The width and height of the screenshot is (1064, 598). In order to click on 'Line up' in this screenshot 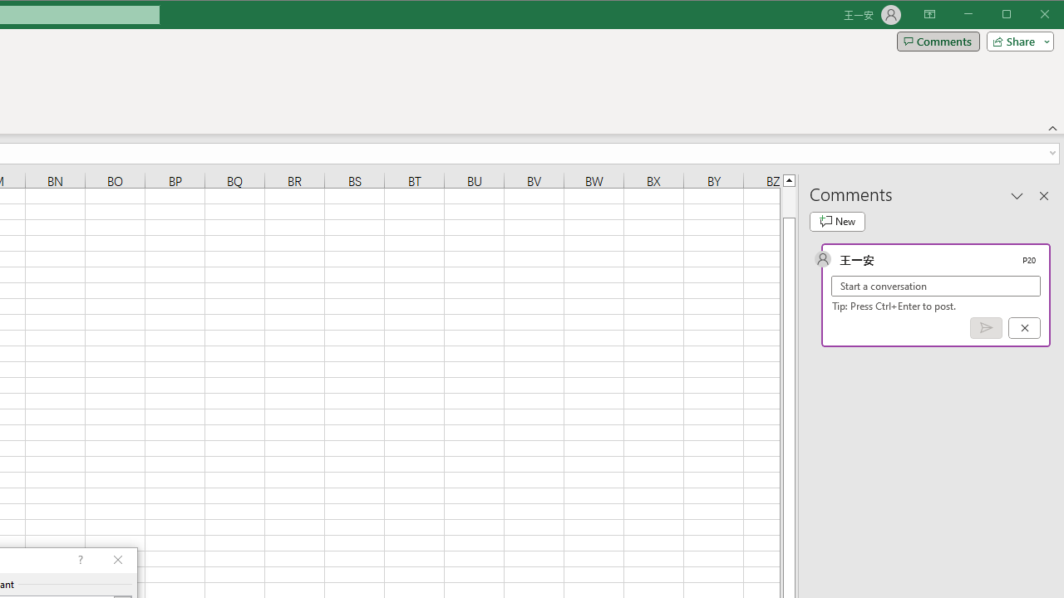, I will do `click(788, 179)`.